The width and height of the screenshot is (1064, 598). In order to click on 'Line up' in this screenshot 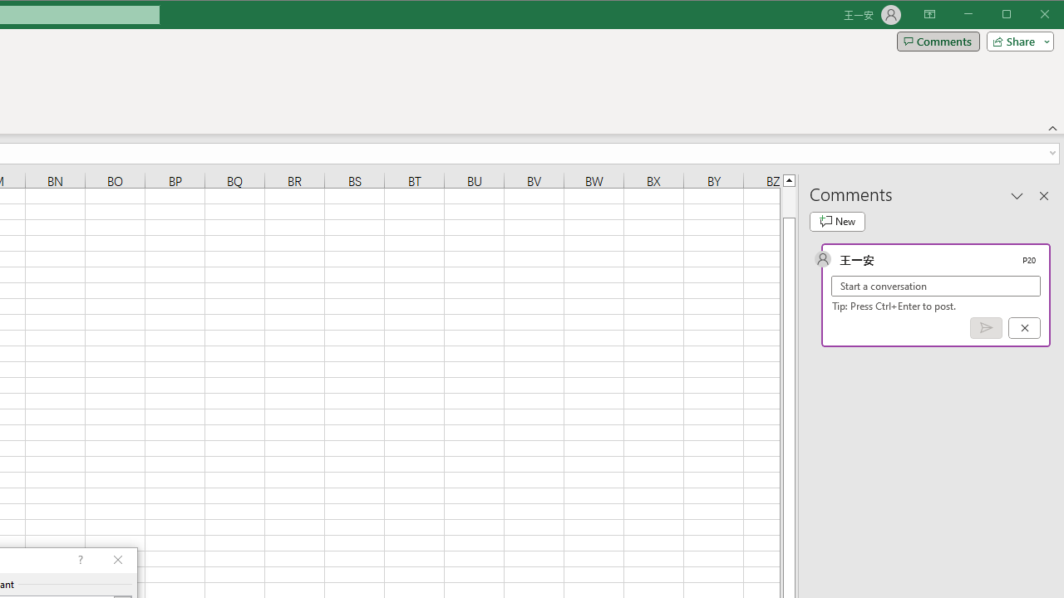, I will do `click(788, 179)`.